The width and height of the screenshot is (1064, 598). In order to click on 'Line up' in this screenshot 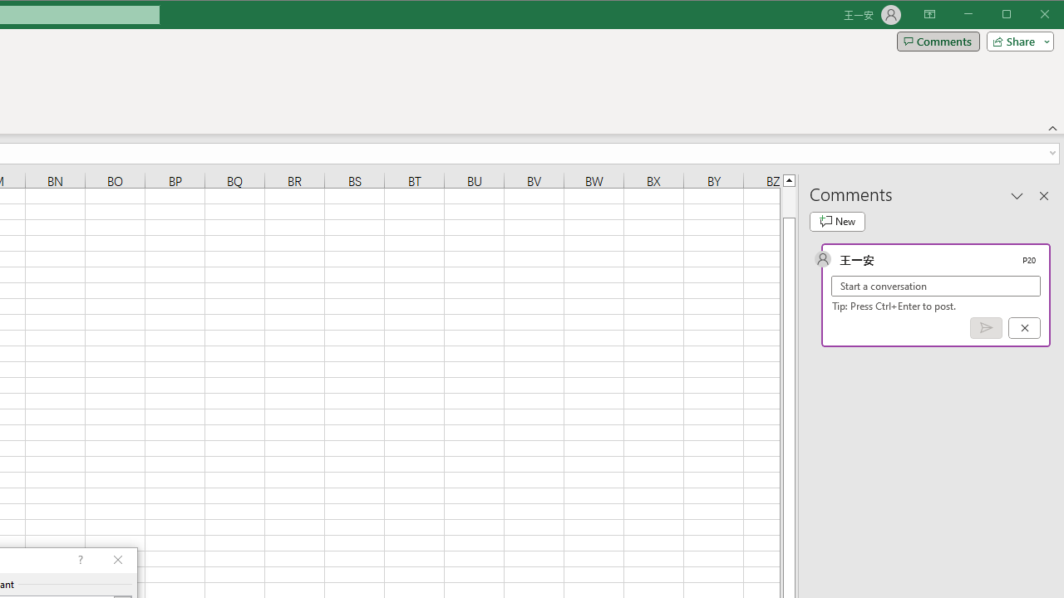, I will do `click(788, 179)`.